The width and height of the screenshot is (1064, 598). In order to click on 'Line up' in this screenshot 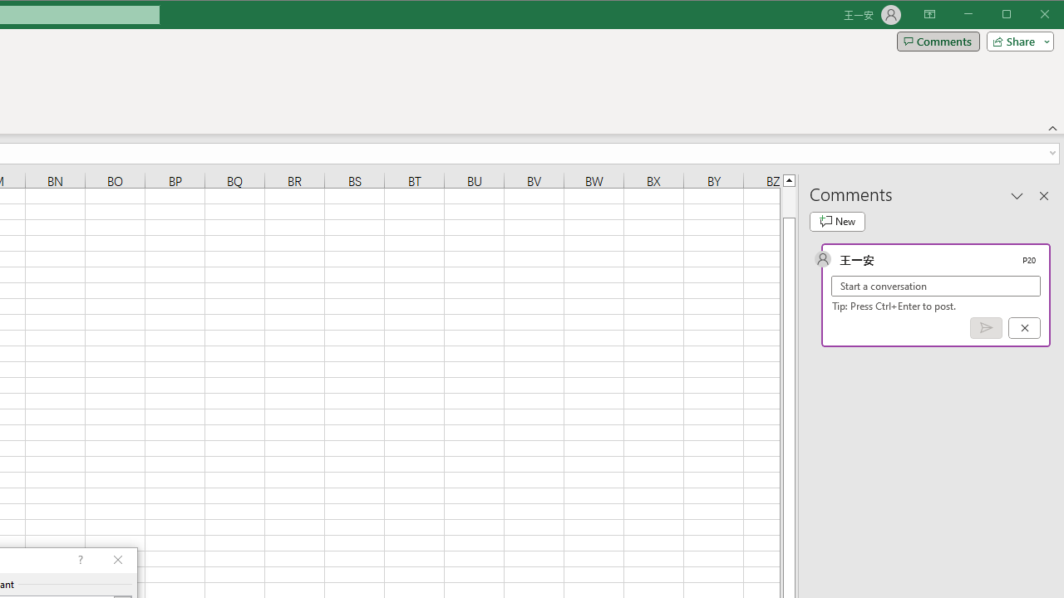, I will do `click(788, 179)`.